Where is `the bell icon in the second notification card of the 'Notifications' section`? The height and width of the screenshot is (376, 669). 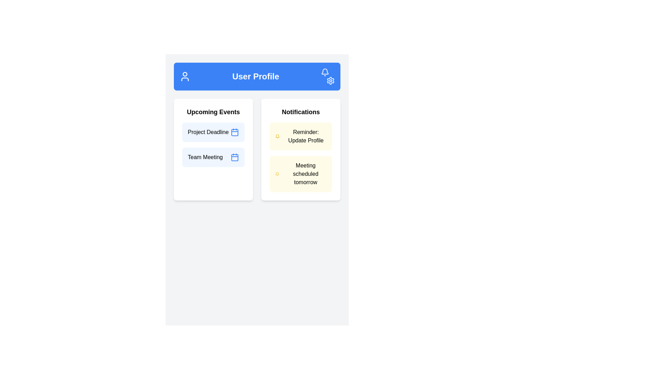
the bell icon in the second notification card of the 'Notifications' section is located at coordinates (277, 174).